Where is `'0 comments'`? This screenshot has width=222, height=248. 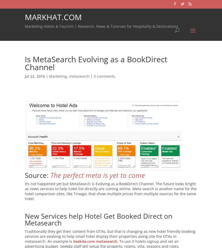 '0 comments' is located at coordinates (104, 76).